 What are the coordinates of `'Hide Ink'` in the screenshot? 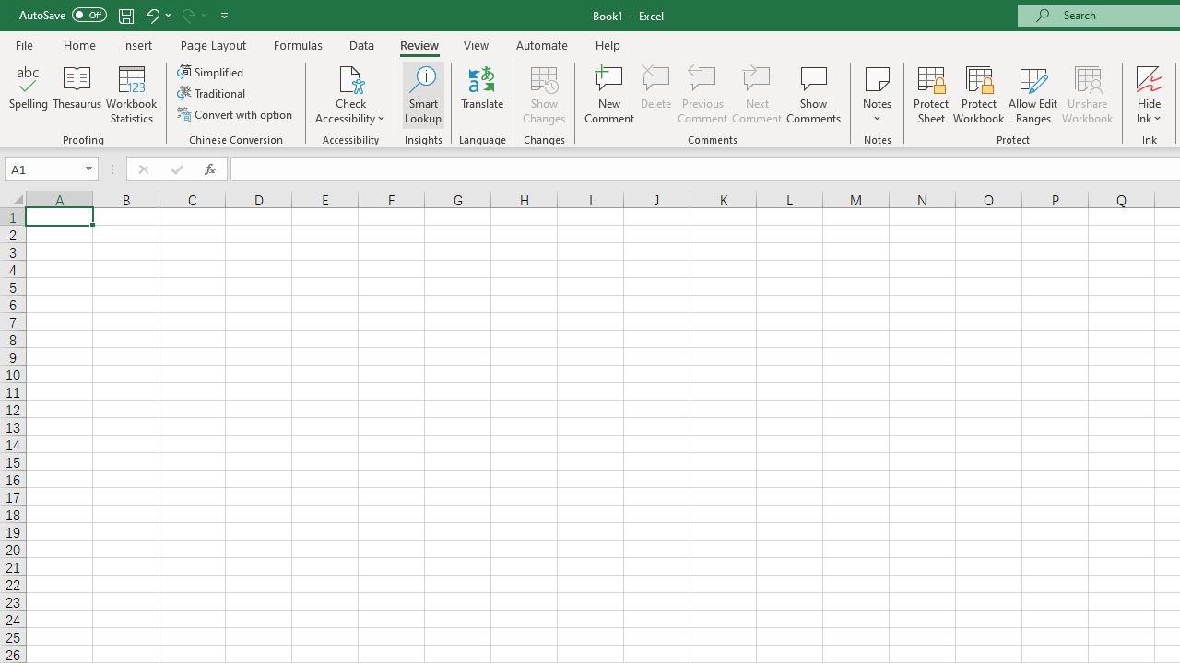 It's located at (1149, 77).